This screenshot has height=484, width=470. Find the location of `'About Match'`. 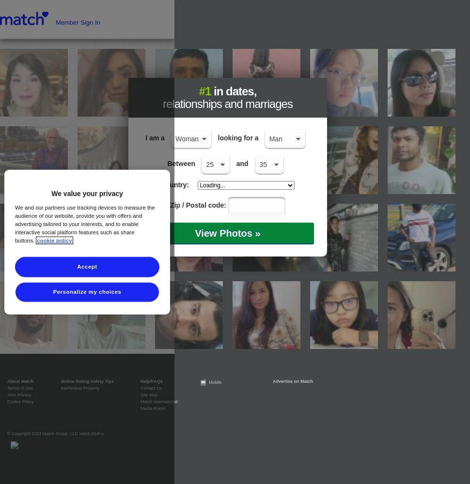

'About Match' is located at coordinates (20, 381).